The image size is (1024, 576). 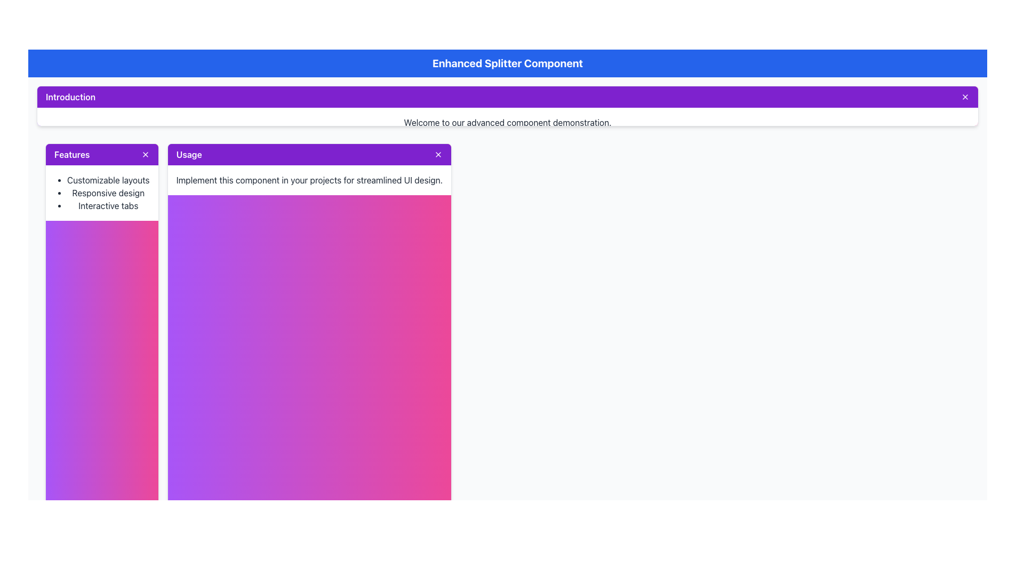 I want to click on the 'X' close icon button located on the far-right side of the purple 'Introduction' bar, so click(x=965, y=97).